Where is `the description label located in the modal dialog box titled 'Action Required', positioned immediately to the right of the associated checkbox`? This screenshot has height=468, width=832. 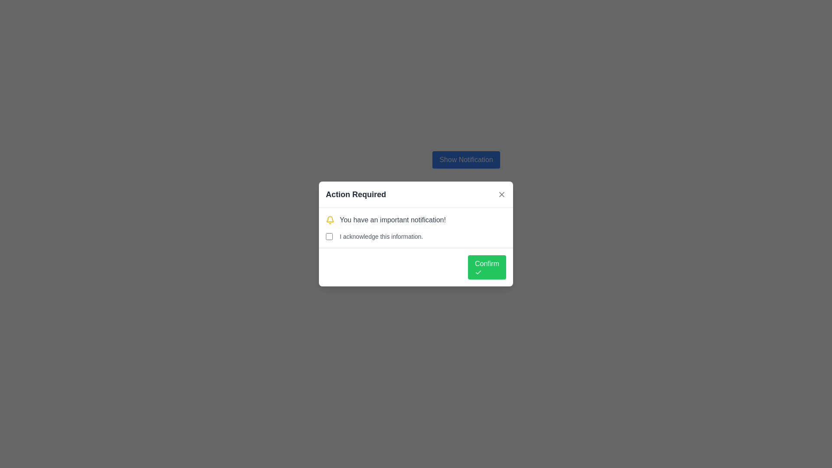
the description label located in the modal dialog box titled 'Action Required', positioned immediately to the right of the associated checkbox is located at coordinates (381, 237).